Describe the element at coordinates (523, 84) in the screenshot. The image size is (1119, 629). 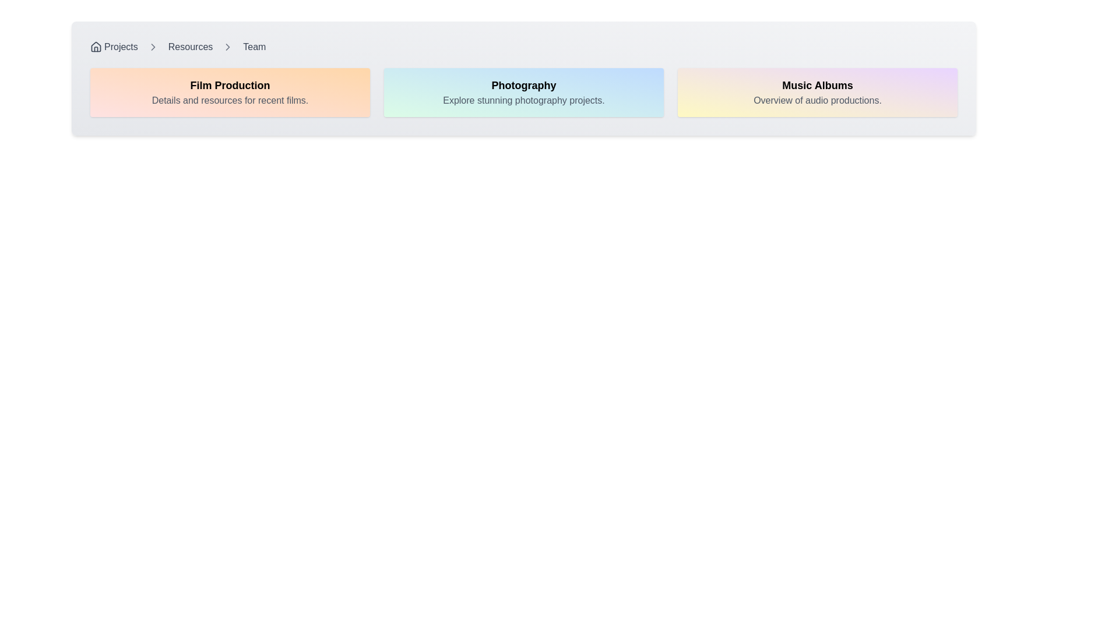
I see `the title/heading text element that clearly labels the topic of 'Photography,' which is centrally positioned above the text 'Explore stunning photography projects.'` at that location.